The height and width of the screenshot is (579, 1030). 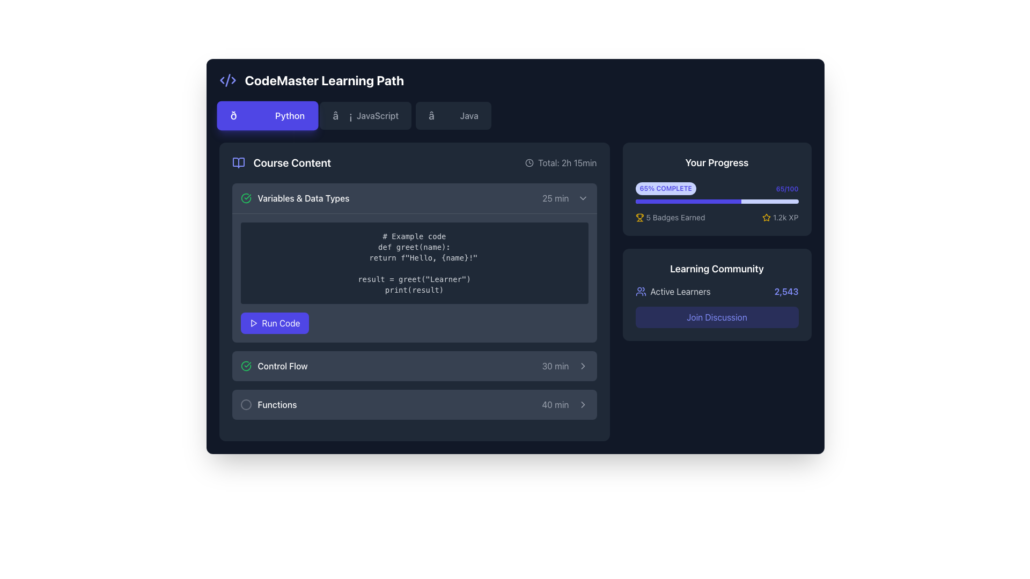 What do you see at coordinates (281, 163) in the screenshot?
I see `the section heading element located in the top-left section of the main course layout, which includes an icon and text, positioned to the left of the 'Total: 2h 15min' text` at bounding box center [281, 163].